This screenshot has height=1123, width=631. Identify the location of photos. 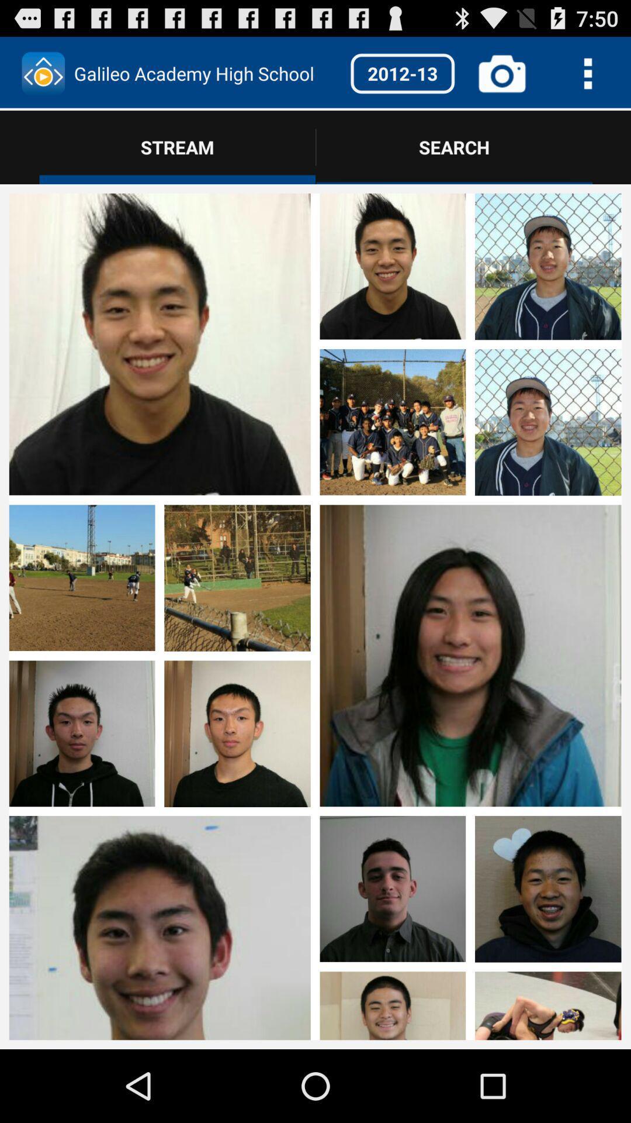
(470, 345).